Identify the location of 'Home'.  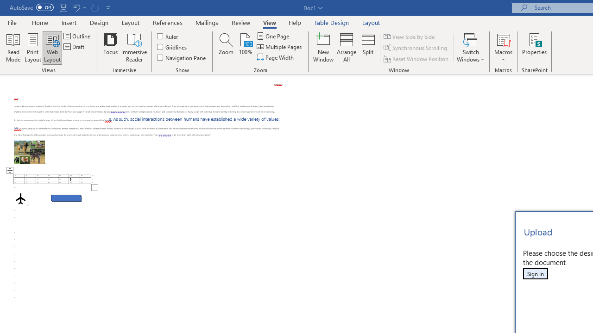
(39, 22).